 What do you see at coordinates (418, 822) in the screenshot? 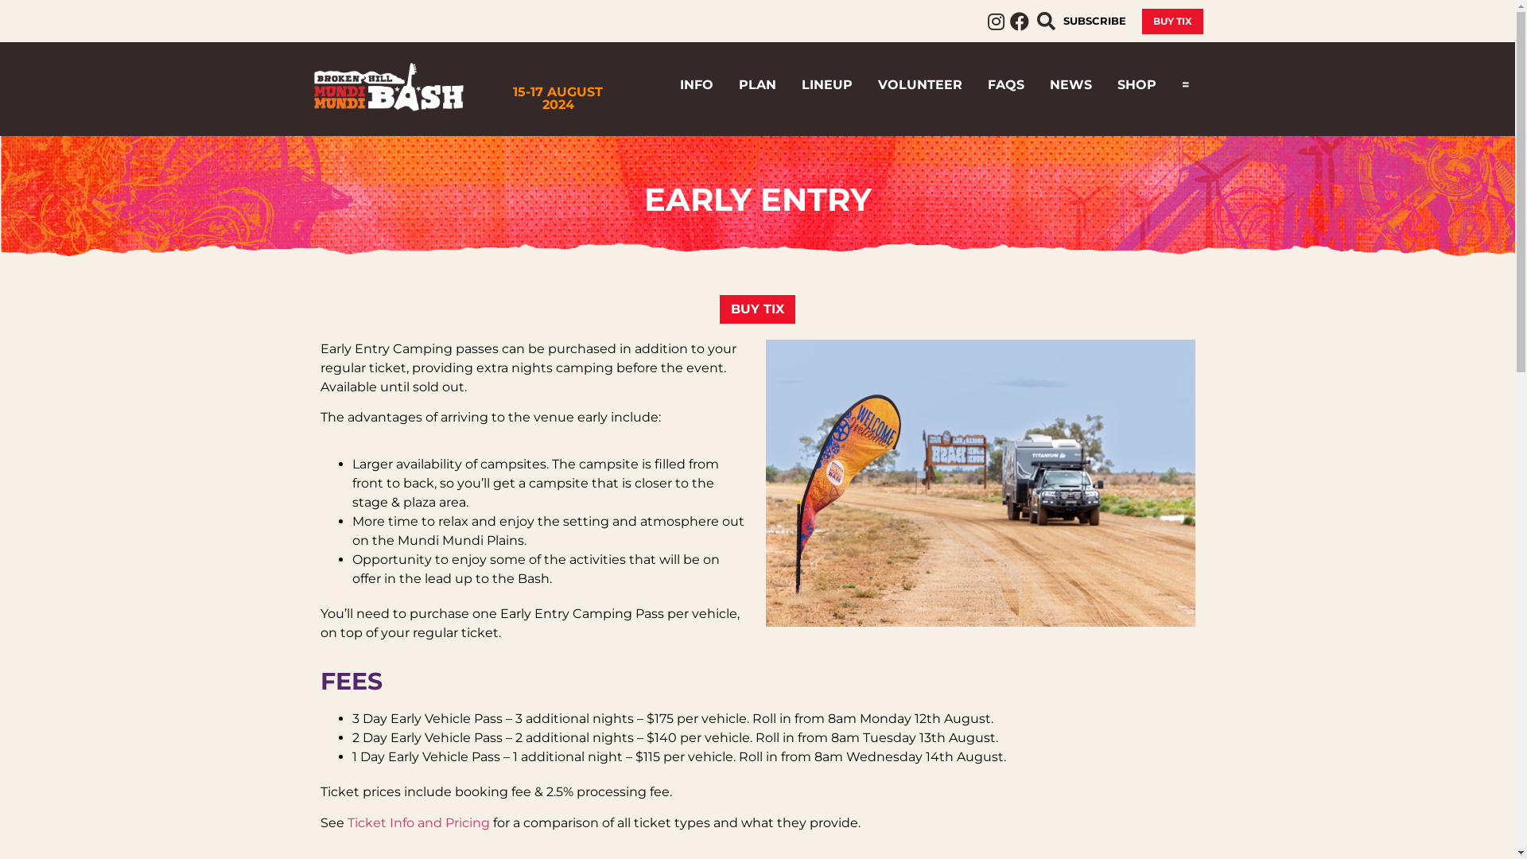
I see `'Ticket Info and Pricing'` at bounding box center [418, 822].